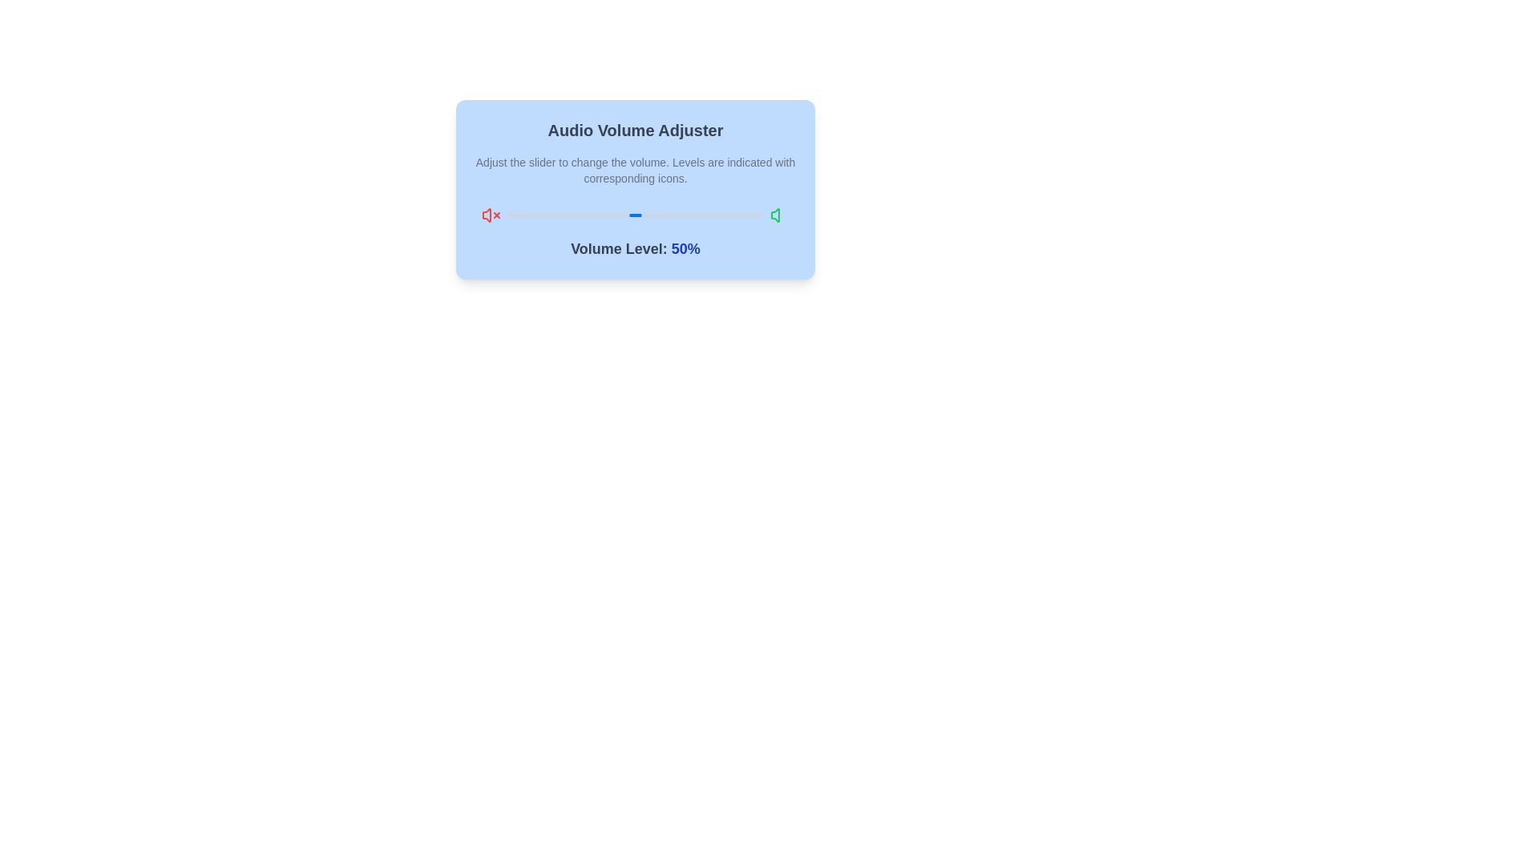 This screenshot has width=1539, height=865. What do you see at coordinates (576, 215) in the screenshot?
I see `the slider to set the volume to 27%` at bounding box center [576, 215].